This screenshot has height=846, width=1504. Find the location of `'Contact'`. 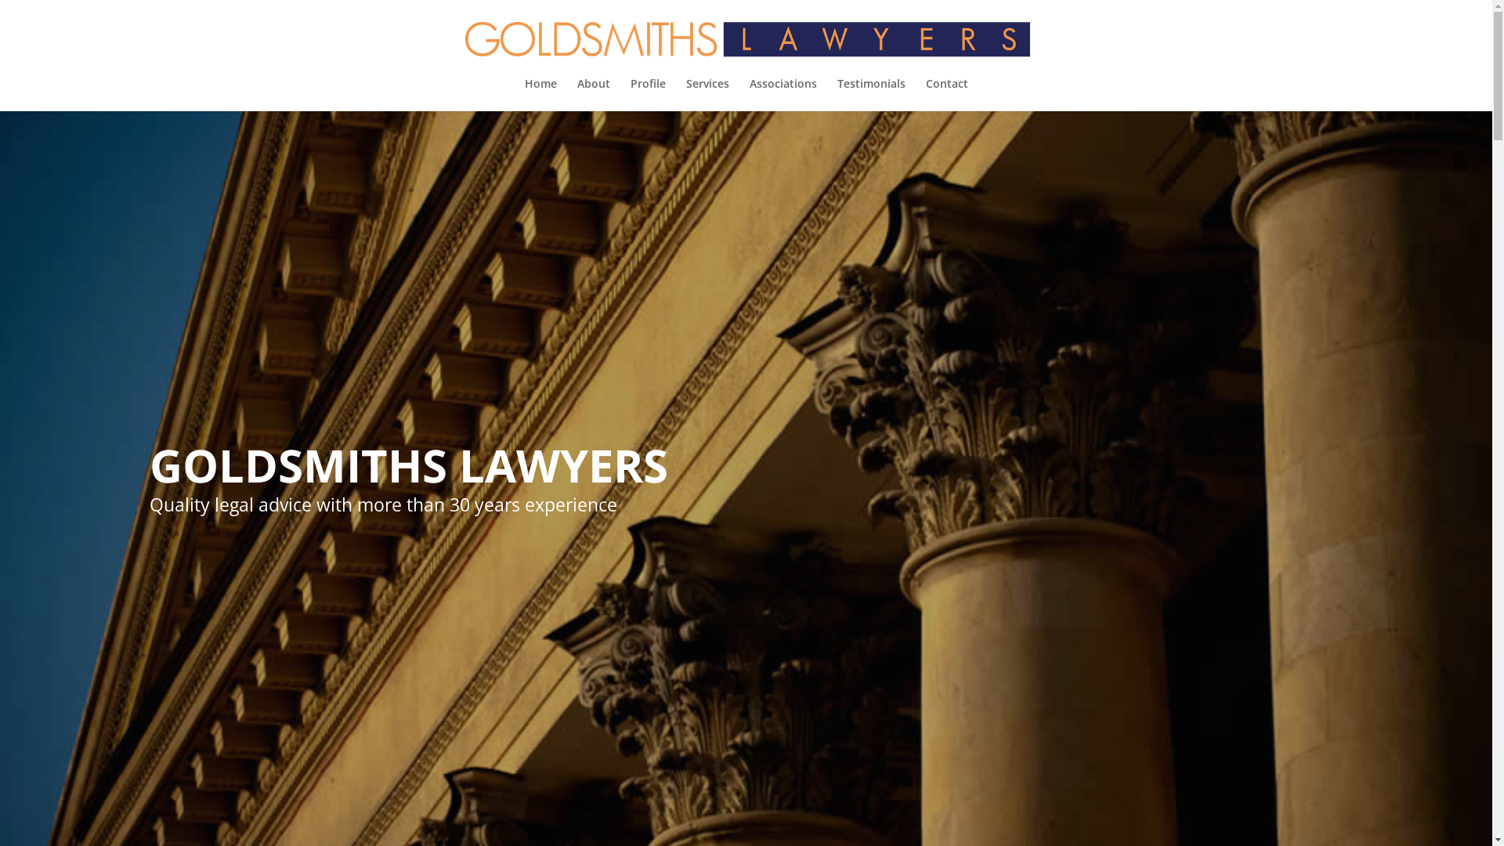

'Contact' is located at coordinates (946, 94).